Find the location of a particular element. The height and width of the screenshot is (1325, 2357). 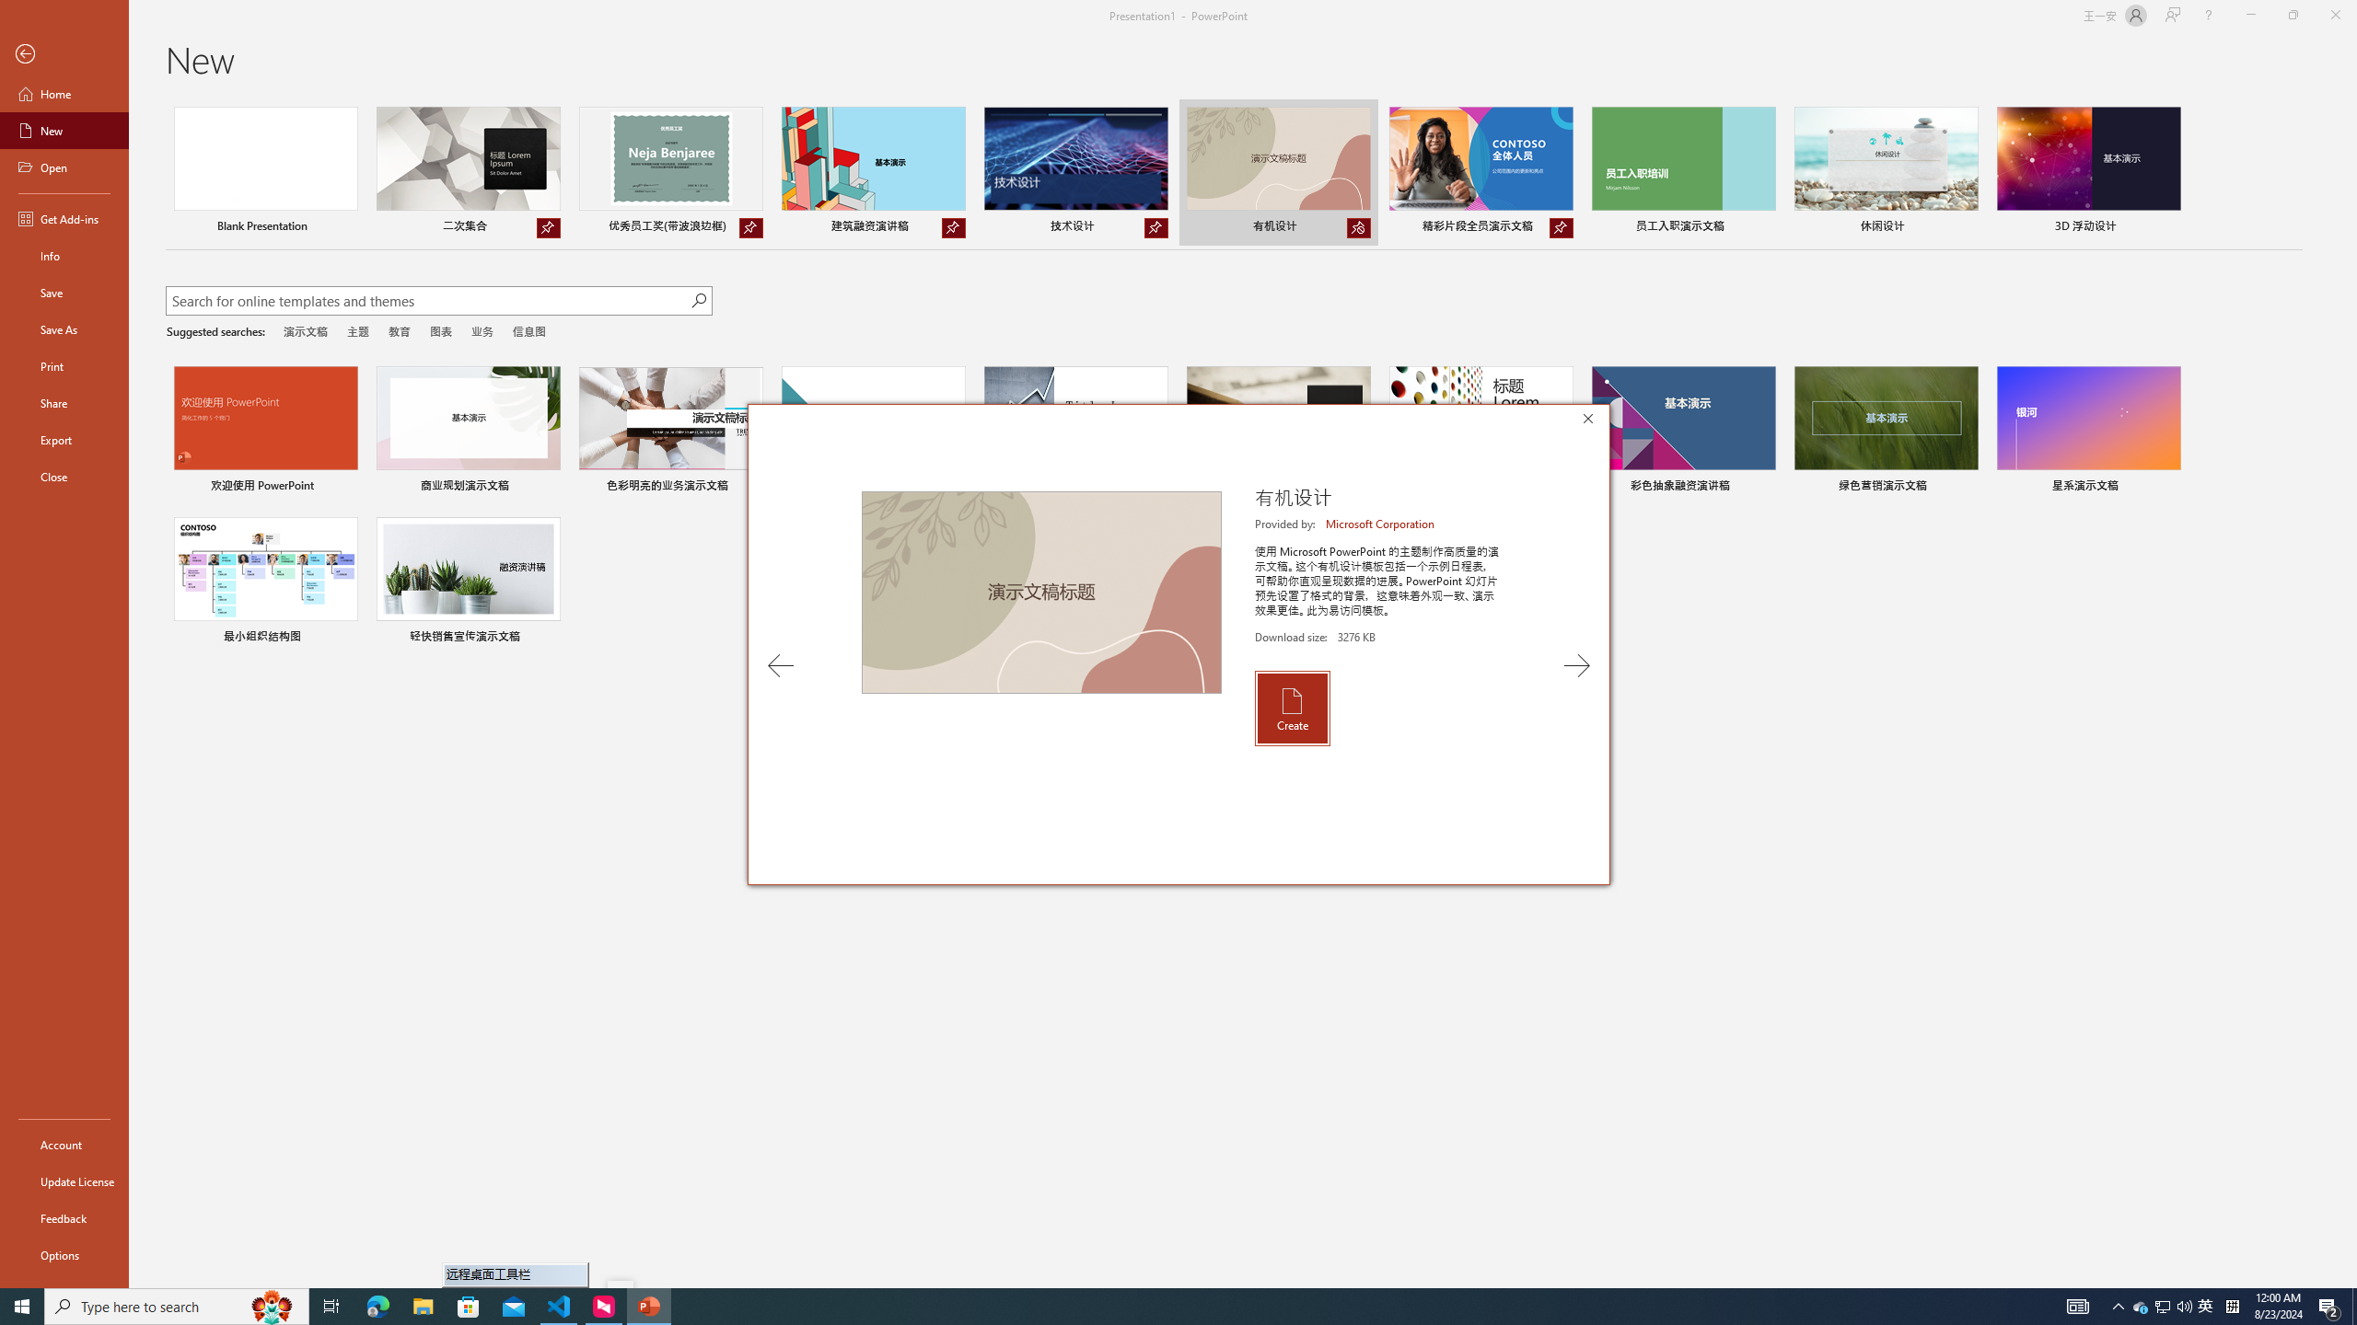

'Start searching' is located at coordinates (698, 300).